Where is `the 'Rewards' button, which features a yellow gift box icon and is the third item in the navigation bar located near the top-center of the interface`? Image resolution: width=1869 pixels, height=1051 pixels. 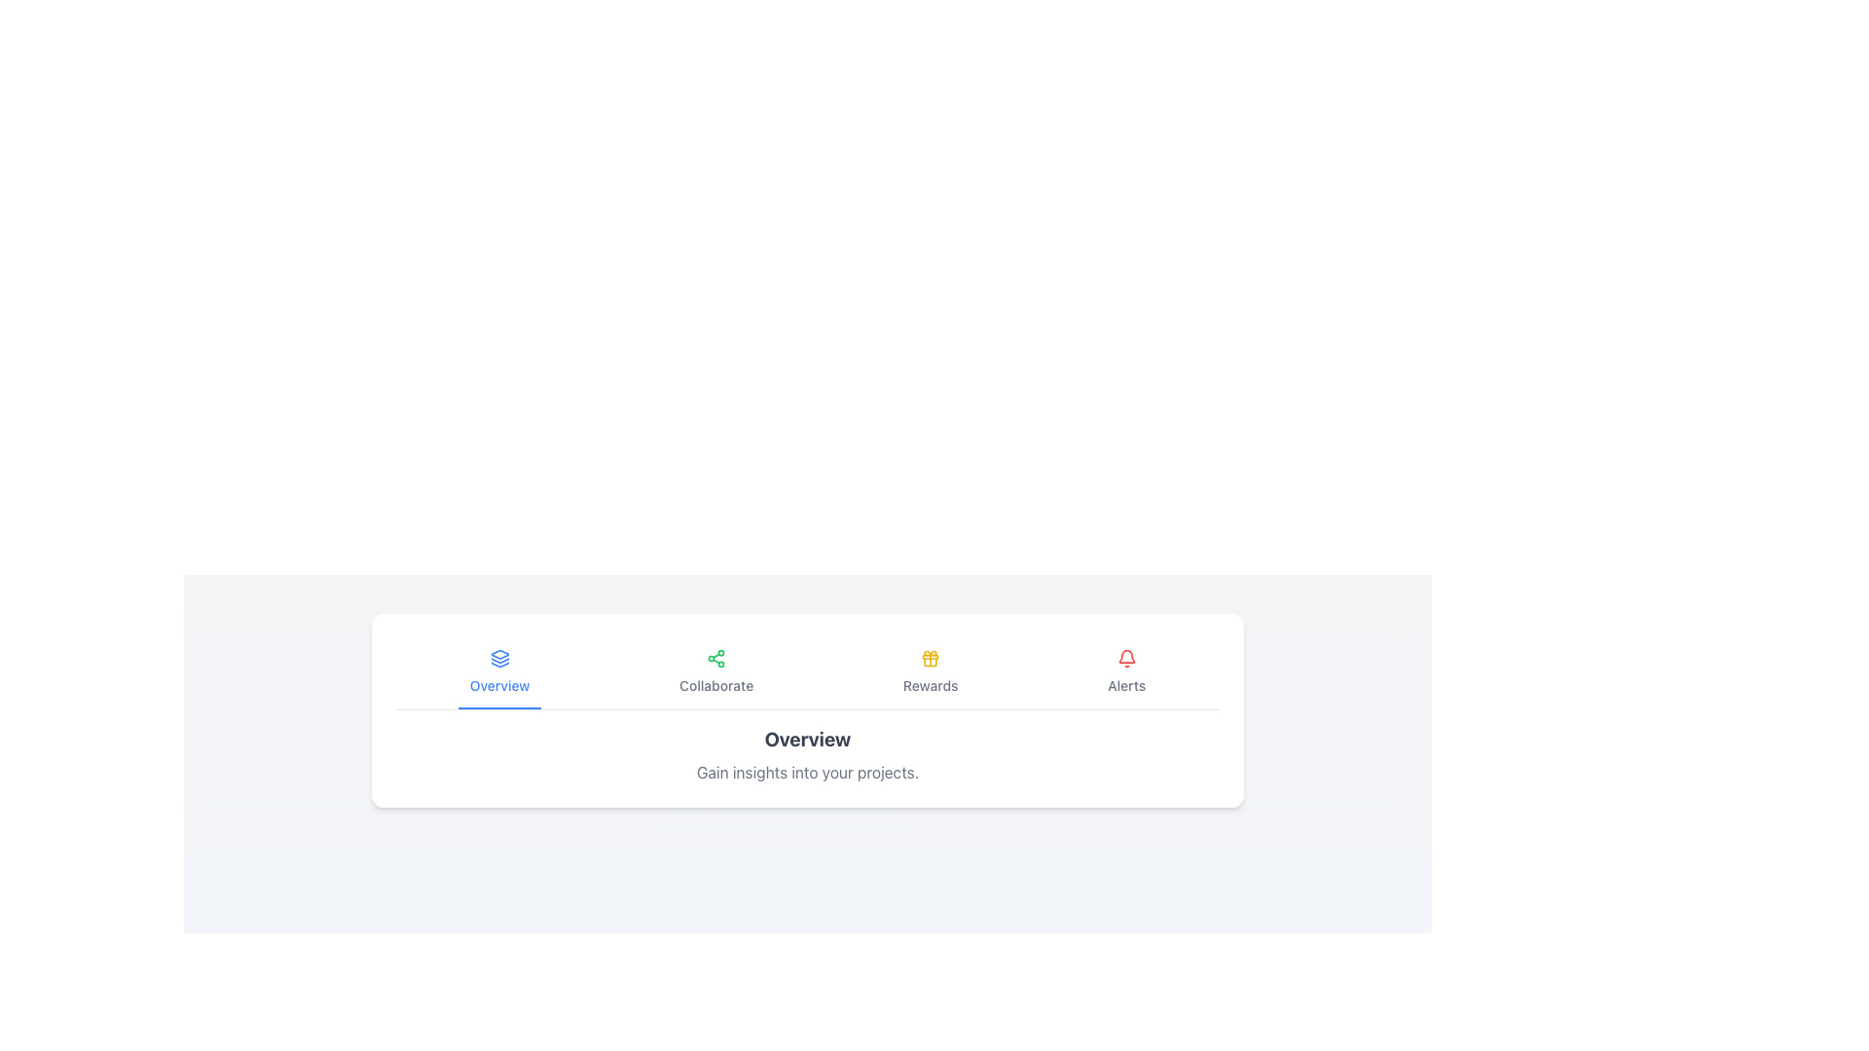
the 'Rewards' button, which features a yellow gift box icon and is the third item in the navigation bar located near the top-center of the interface is located at coordinates (929, 671).